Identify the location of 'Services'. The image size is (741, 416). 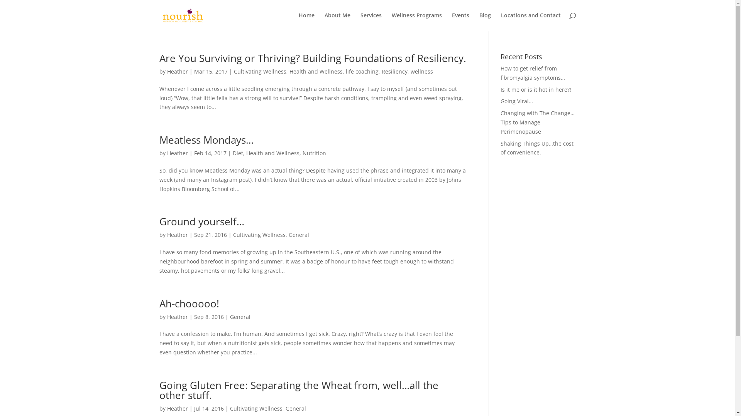
(371, 21).